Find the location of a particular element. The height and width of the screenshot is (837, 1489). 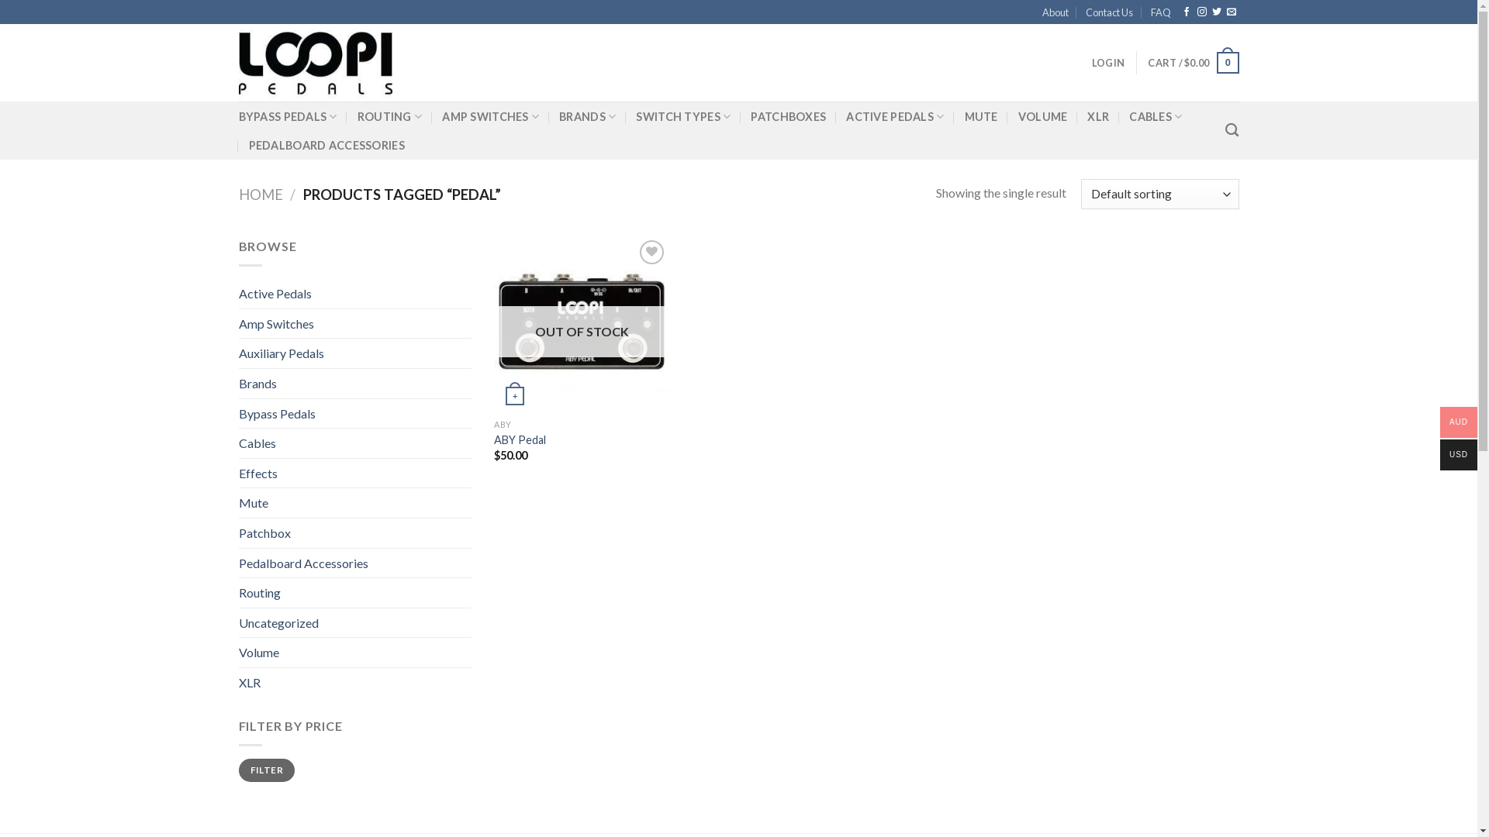

'Follow on Twitter' is located at coordinates (1211, 12).